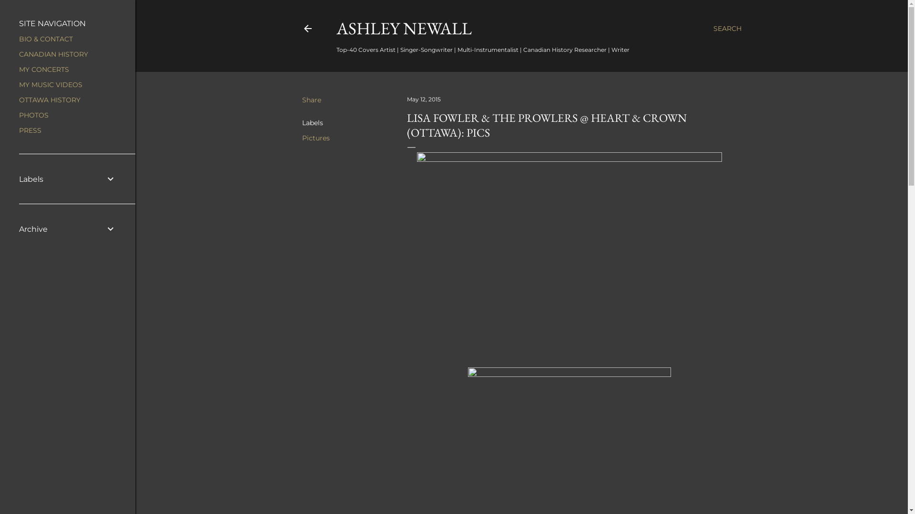  I want to click on 'ASHLEY NEWALL', so click(404, 28).